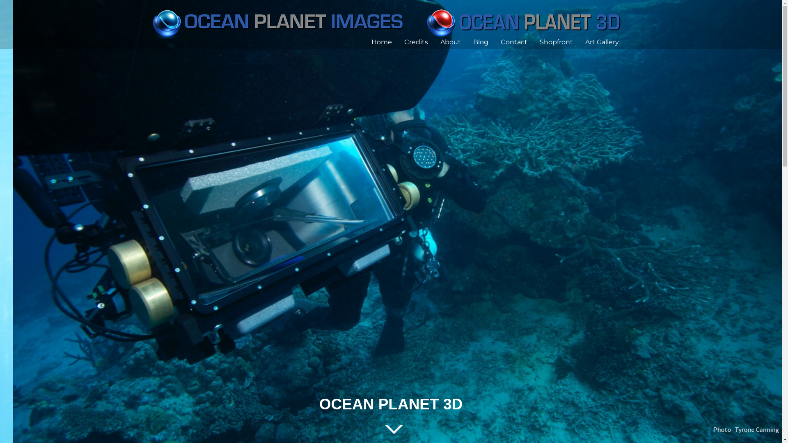 This screenshot has width=788, height=443. I want to click on 'Credits', so click(415, 41).